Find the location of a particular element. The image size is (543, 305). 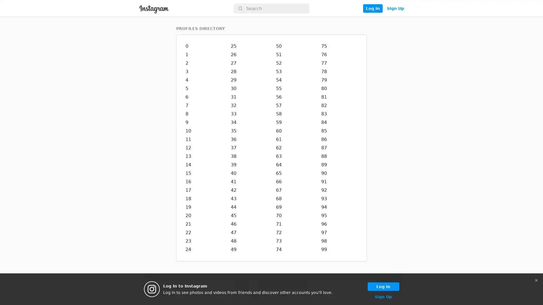

Log In is located at coordinates (372, 8).